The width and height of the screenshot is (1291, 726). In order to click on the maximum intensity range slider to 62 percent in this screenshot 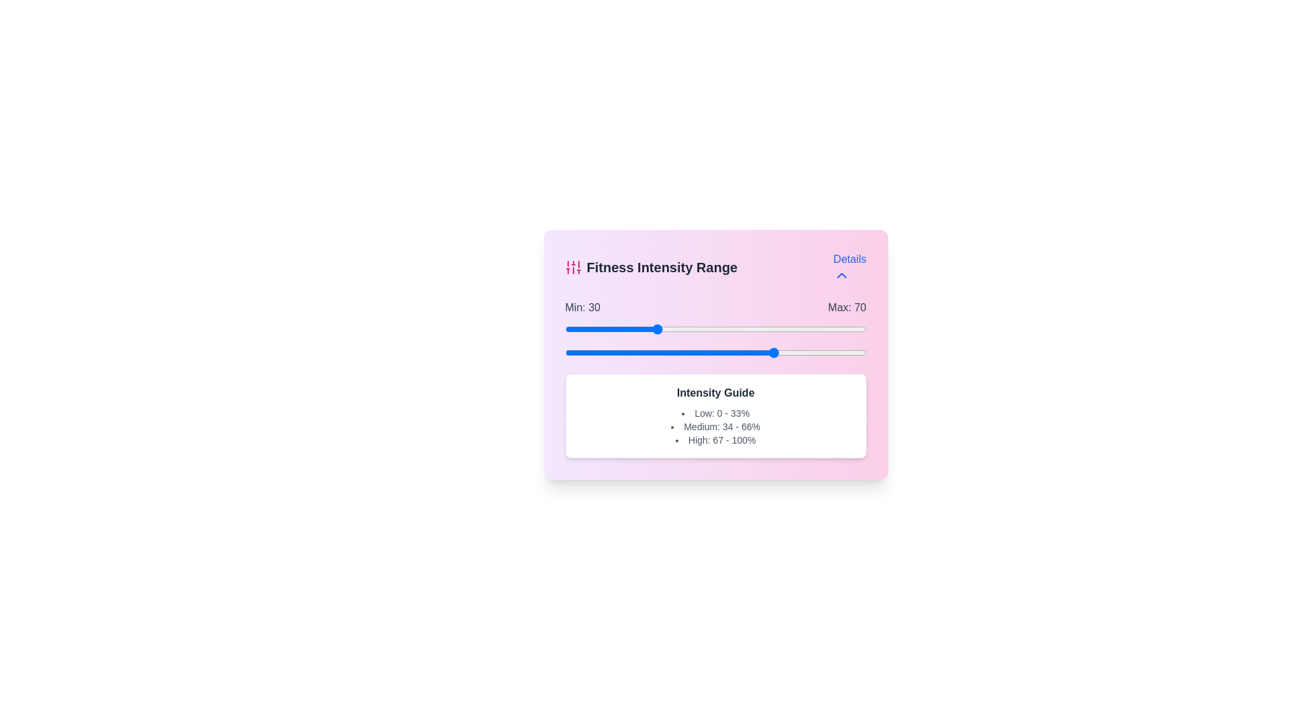, I will do `click(751, 352)`.